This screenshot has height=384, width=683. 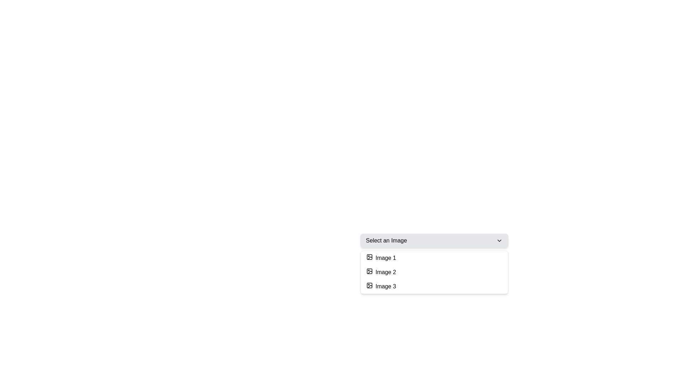 I want to click on the dropdown menu labeled 'Select an Image', so click(x=434, y=278).